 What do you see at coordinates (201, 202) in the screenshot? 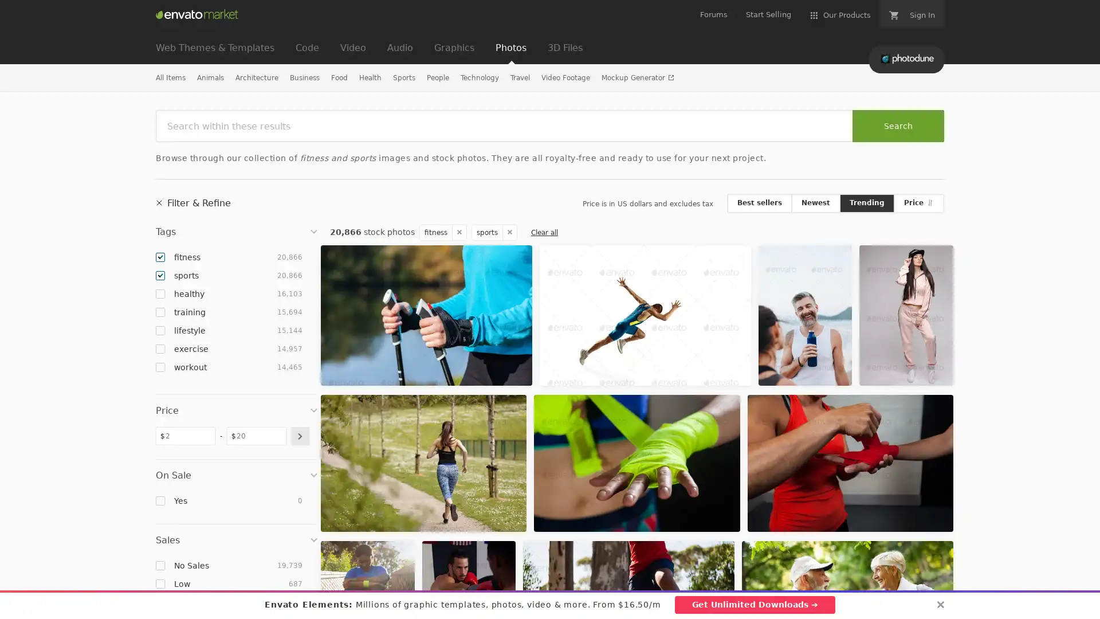
I see `Filter & Refine` at bounding box center [201, 202].